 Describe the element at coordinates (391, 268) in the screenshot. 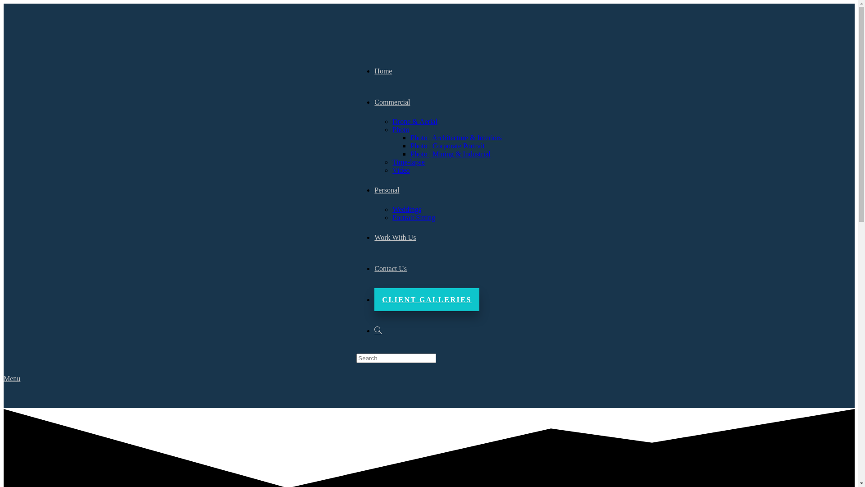

I see `'Contact Us'` at that location.